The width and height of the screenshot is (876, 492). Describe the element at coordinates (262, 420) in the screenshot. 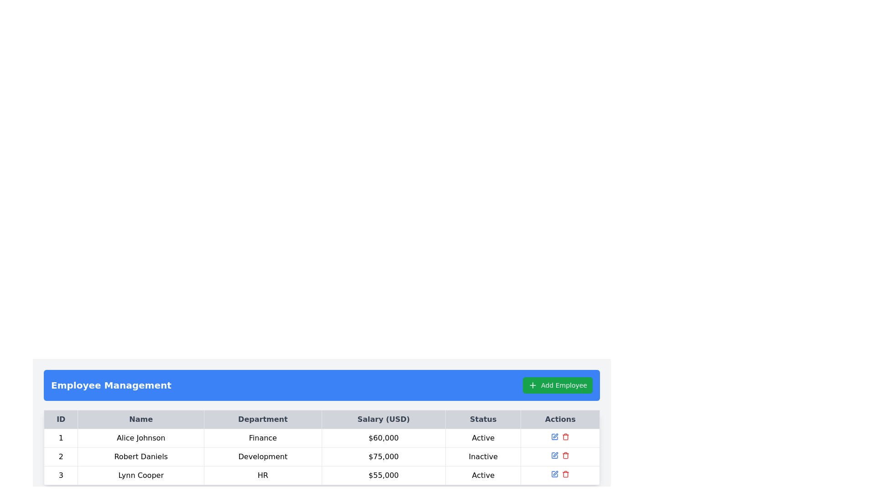

I see `the 'Department' text label, which is a bold black text centered within a light gray rectangular area in the third column of the header row of the Employee Management table` at that location.